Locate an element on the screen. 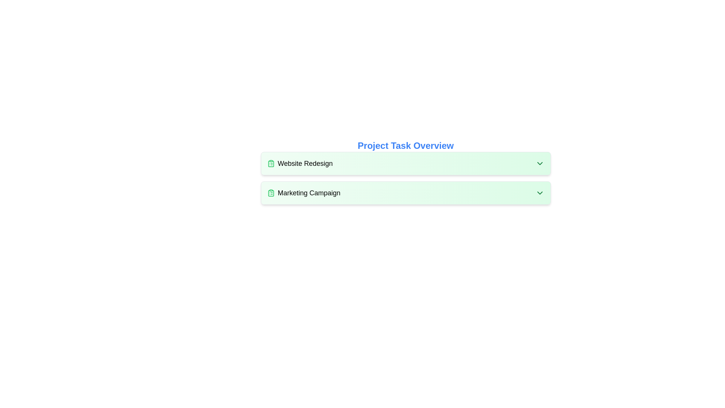  text label that provides descriptive information for a task or project item, specifically the label for 'Website Redesign' located above the 'Marketing Campaign' label is located at coordinates (305, 163).